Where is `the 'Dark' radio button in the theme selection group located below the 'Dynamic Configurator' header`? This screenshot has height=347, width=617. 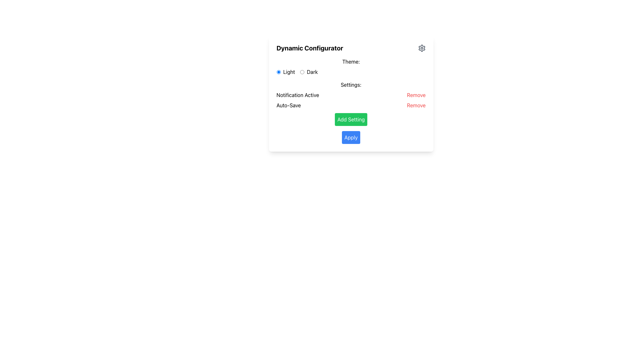
the 'Dark' radio button in the theme selection group located below the 'Dynamic Configurator' header is located at coordinates (351, 67).